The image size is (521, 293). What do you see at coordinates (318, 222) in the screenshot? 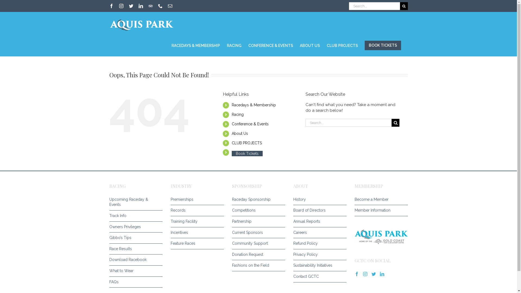
I see `'Annual Reports'` at bounding box center [318, 222].